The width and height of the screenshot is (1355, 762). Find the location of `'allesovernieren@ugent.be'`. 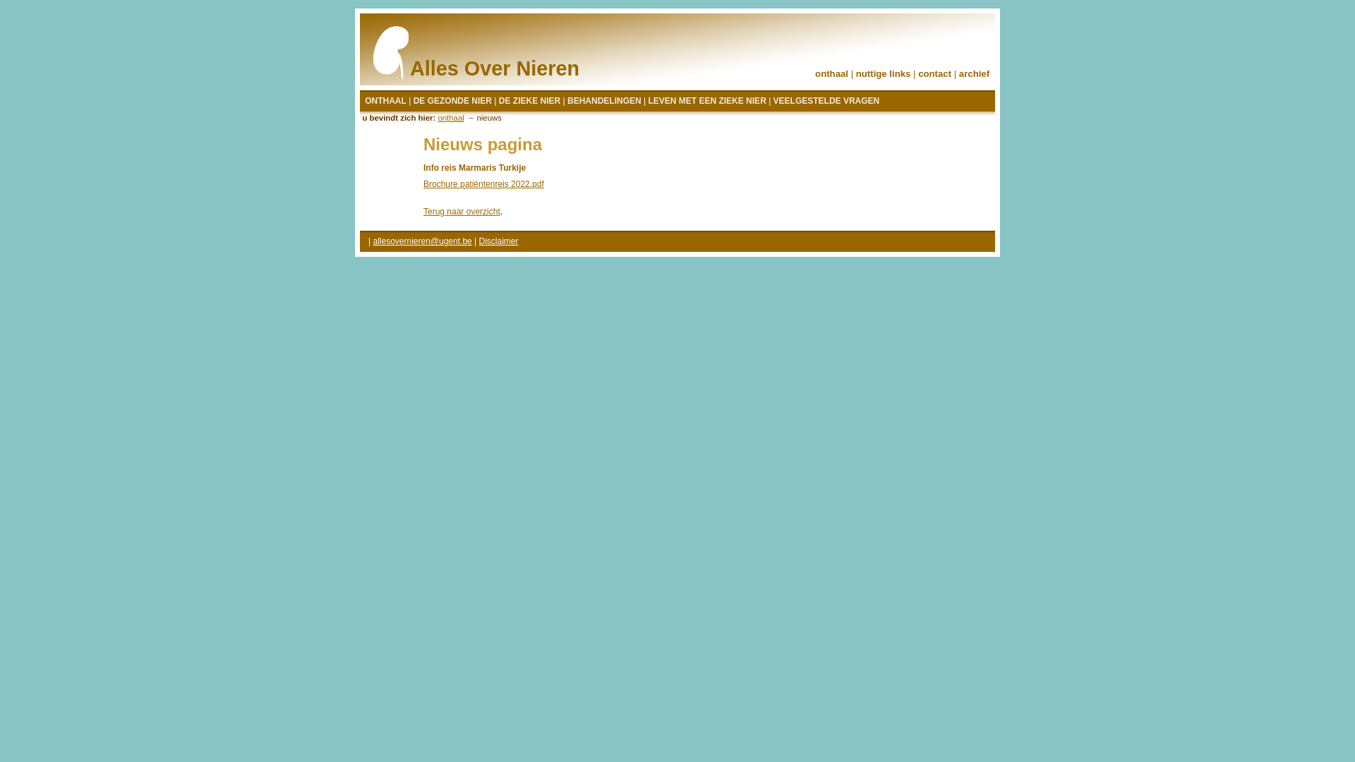

'allesovernieren@ugent.be' is located at coordinates (373, 241).